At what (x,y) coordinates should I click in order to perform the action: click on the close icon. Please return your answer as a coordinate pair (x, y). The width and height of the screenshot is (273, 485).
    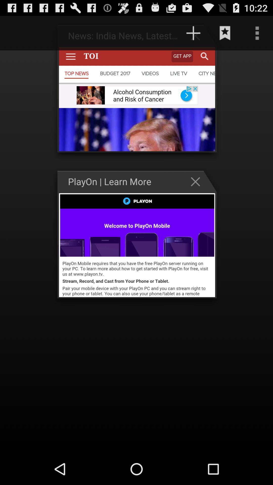
    Looking at the image, I should click on (198, 194).